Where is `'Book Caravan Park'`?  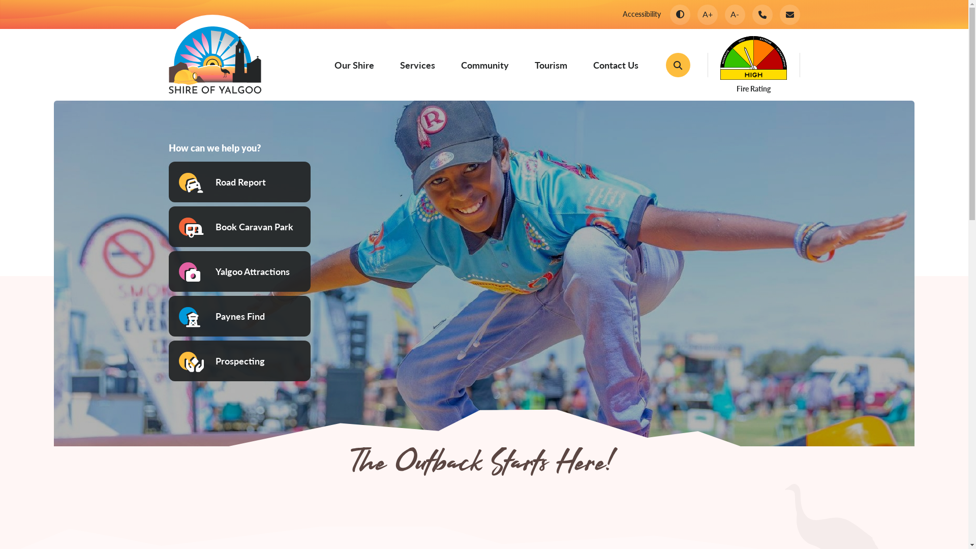
'Book Caravan Park' is located at coordinates (239, 226).